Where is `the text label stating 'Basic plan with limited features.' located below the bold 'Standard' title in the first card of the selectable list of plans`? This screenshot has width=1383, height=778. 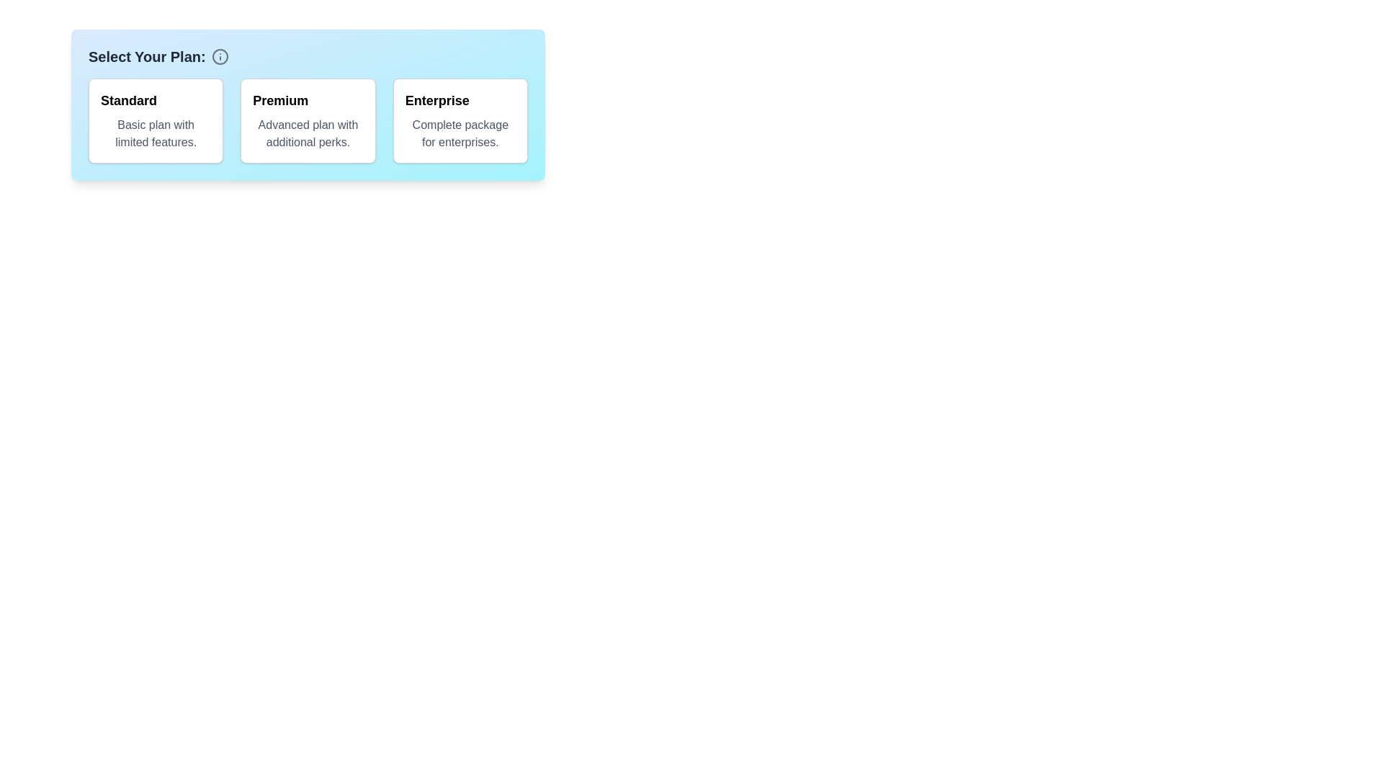
the text label stating 'Basic plan with limited features.' located below the bold 'Standard' title in the first card of the selectable list of plans is located at coordinates (156, 133).